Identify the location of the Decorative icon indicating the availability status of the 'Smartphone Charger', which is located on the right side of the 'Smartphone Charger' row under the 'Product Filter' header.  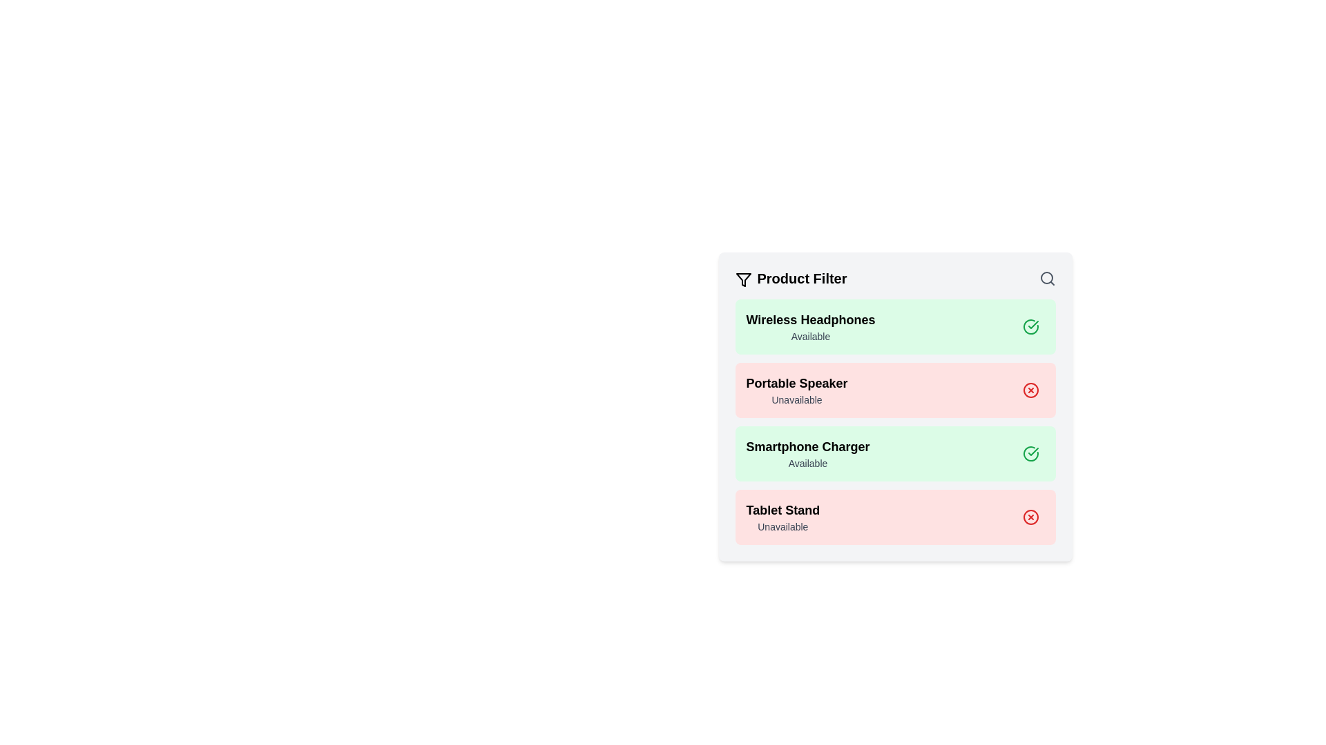
(1030, 454).